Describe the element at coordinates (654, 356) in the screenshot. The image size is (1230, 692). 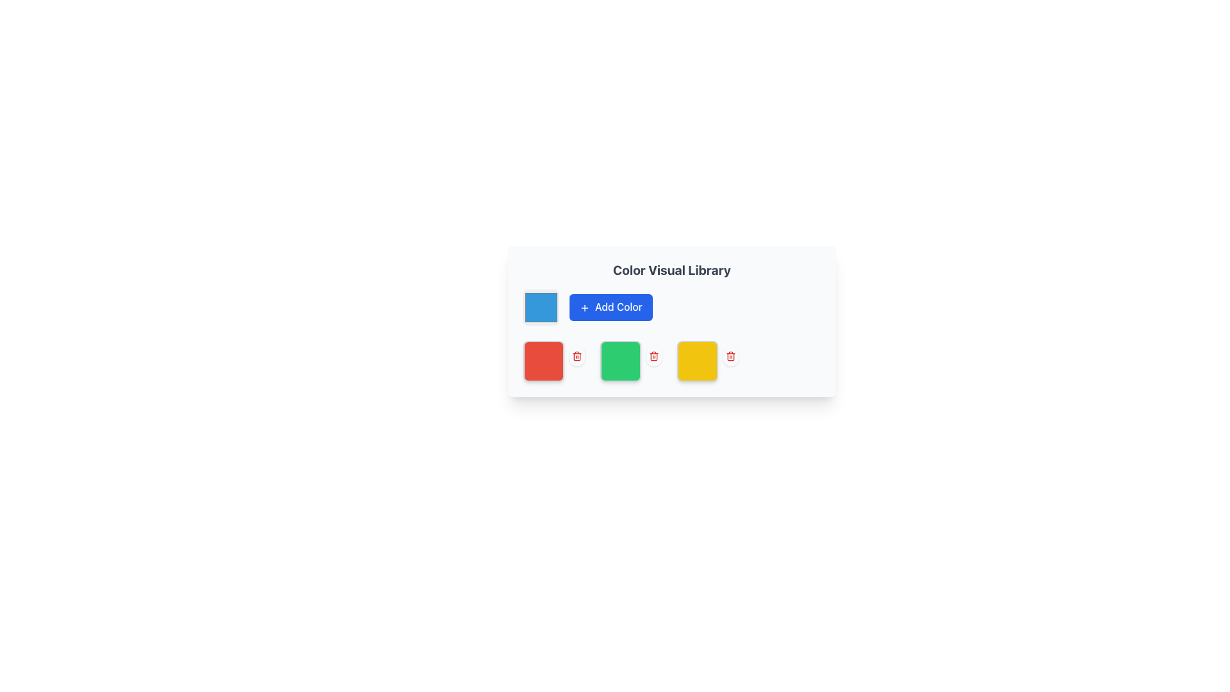
I see `the small delete button styled as a trash can icon located at the top-right corner of the second green square in the grid` at that location.